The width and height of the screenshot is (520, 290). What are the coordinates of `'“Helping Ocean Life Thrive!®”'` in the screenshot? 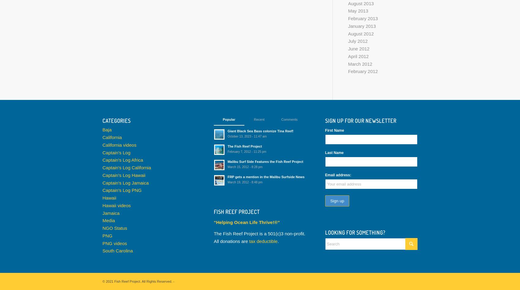 It's located at (246, 222).